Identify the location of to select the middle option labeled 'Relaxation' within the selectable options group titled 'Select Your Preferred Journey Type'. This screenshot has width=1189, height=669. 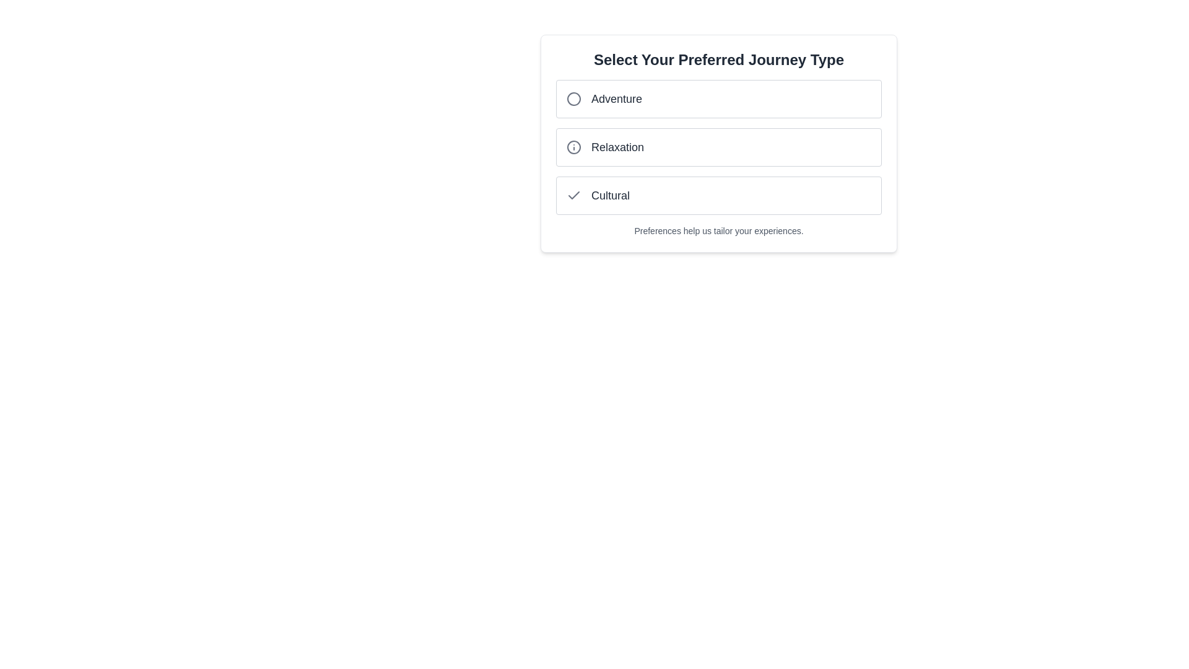
(719, 142).